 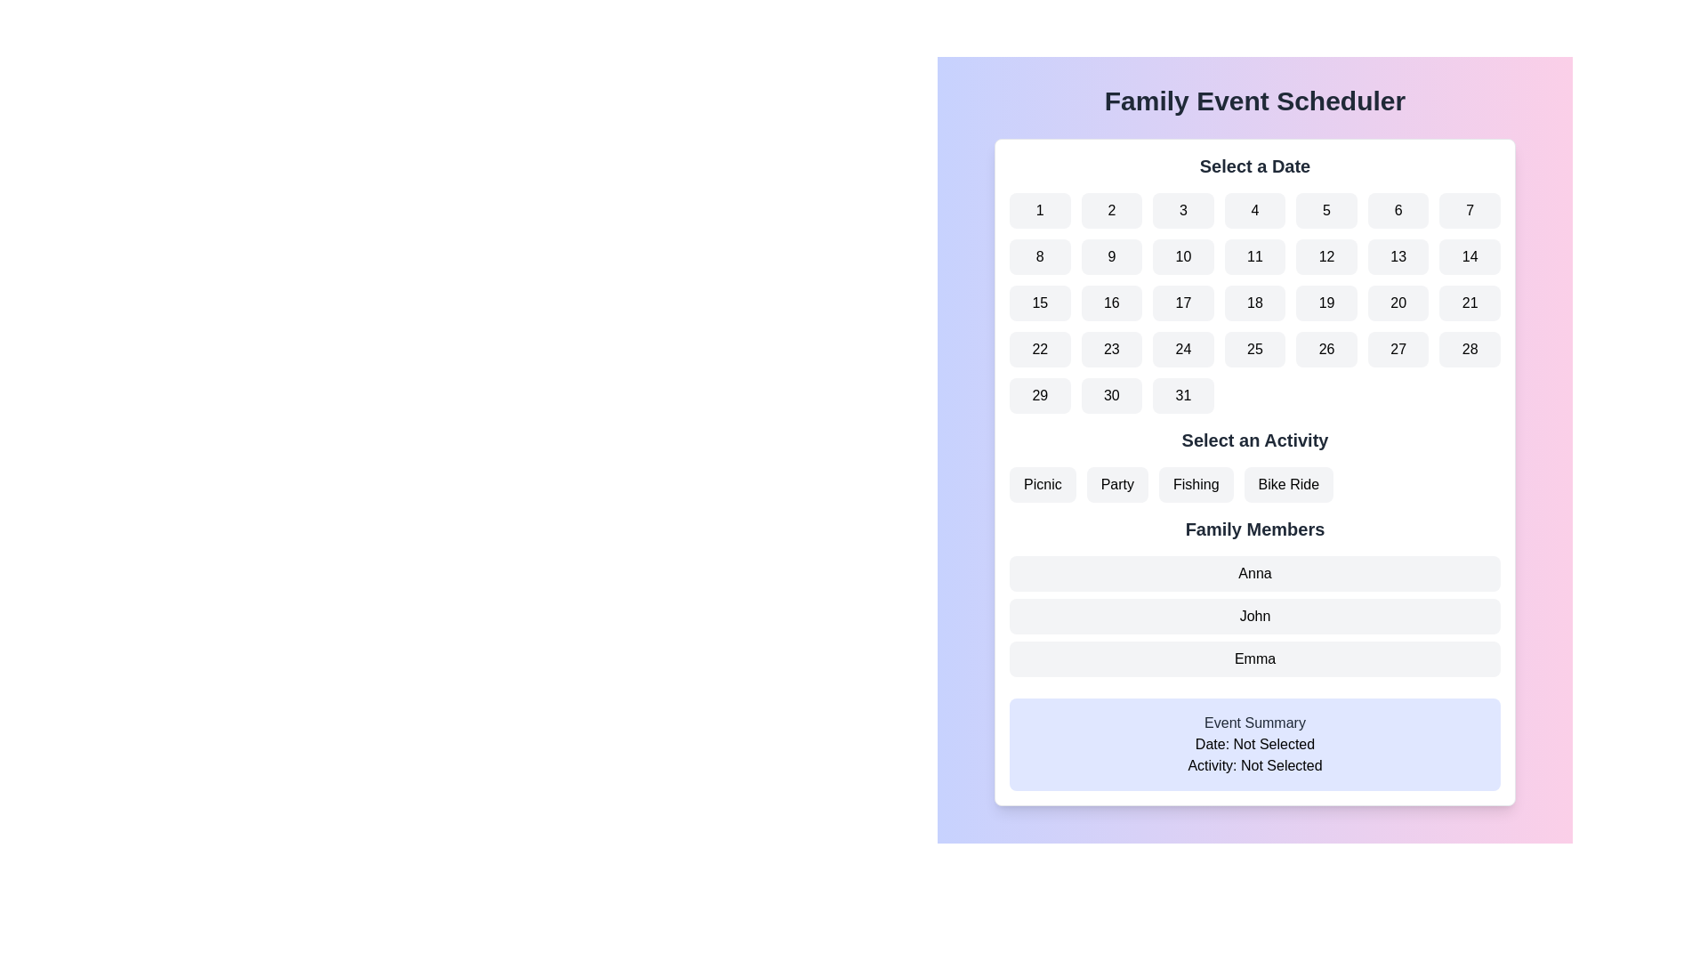 What do you see at coordinates (1470, 209) in the screenshot?
I see `the button labeled '7' in the date selection section` at bounding box center [1470, 209].